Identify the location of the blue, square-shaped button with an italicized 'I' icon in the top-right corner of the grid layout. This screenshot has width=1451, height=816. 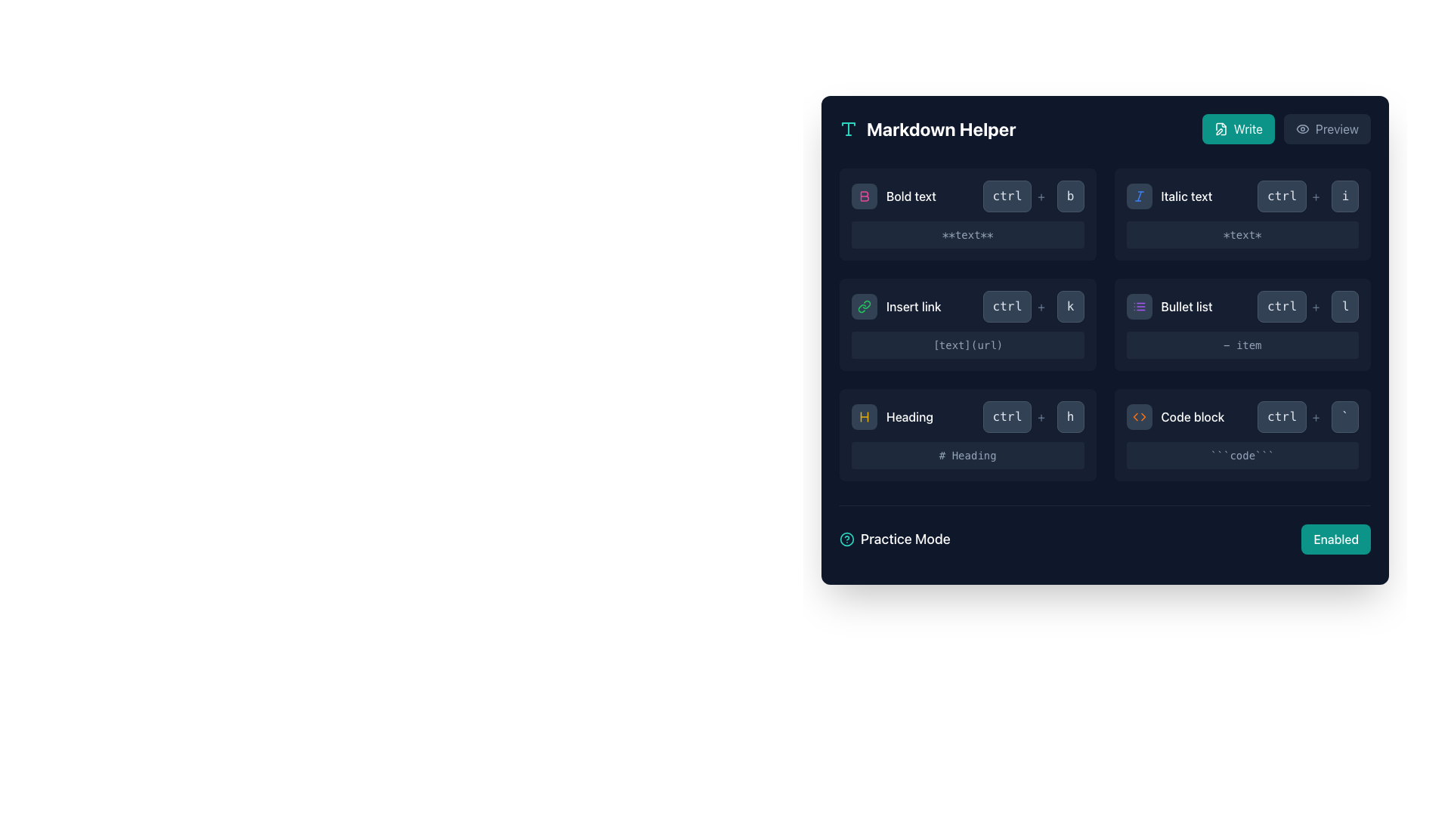
(1139, 195).